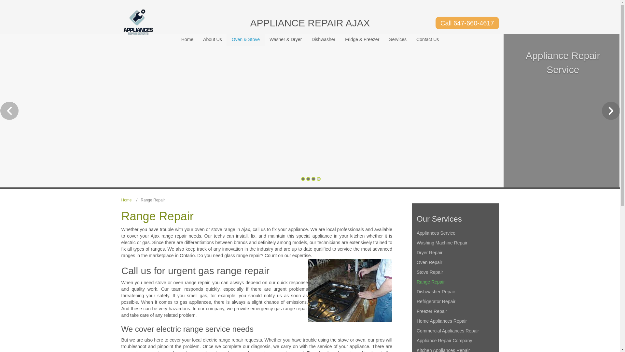 The height and width of the screenshot is (352, 625). What do you see at coordinates (455, 311) in the screenshot?
I see `'Freezer Repair'` at bounding box center [455, 311].